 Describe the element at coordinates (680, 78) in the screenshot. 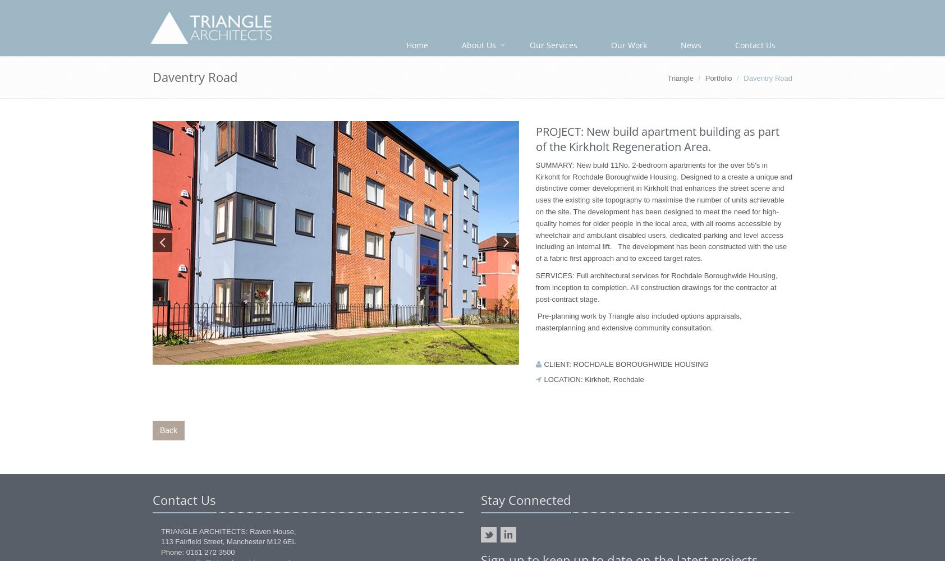

I see `'Triangle'` at that location.